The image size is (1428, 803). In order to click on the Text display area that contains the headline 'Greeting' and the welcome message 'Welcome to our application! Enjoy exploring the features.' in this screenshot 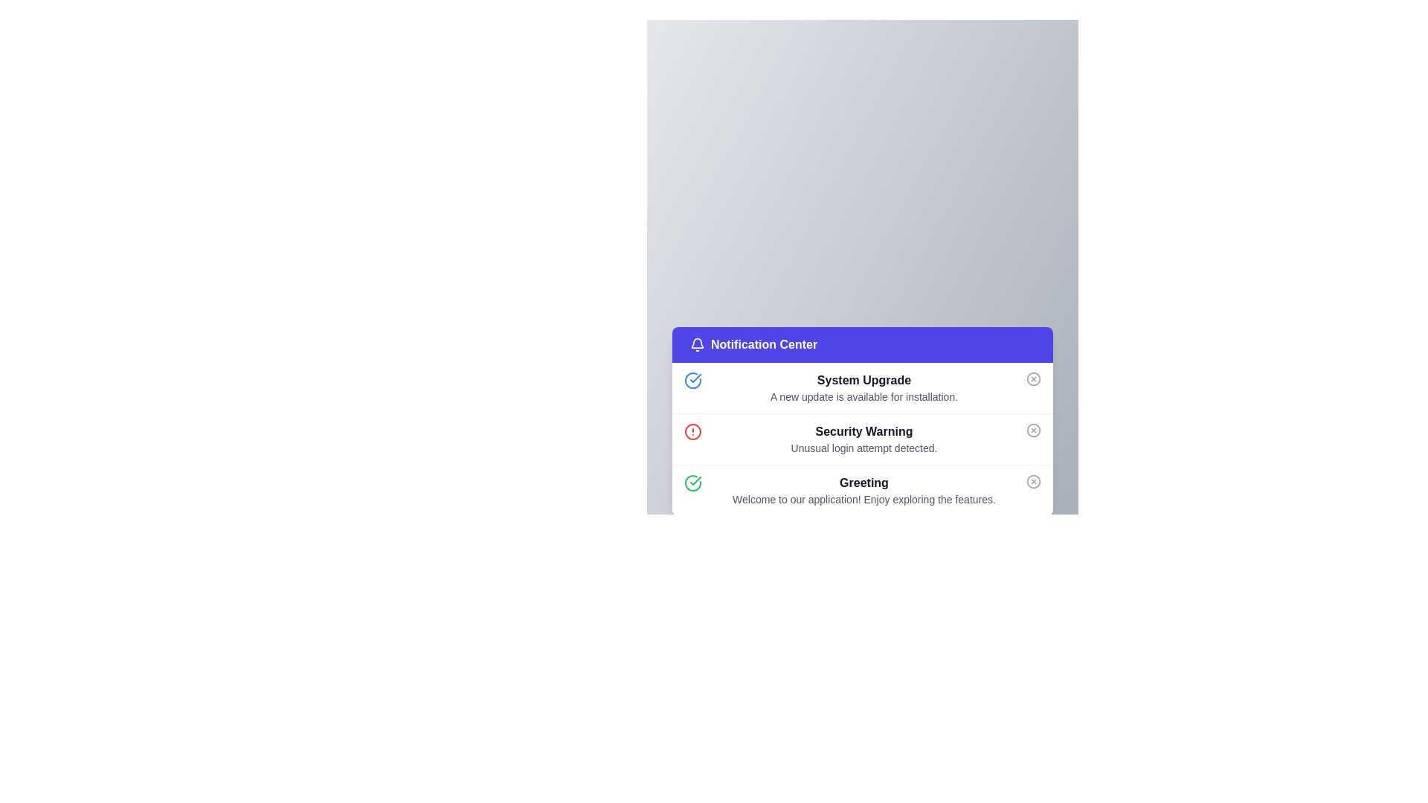, I will do `click(863, 490)`.